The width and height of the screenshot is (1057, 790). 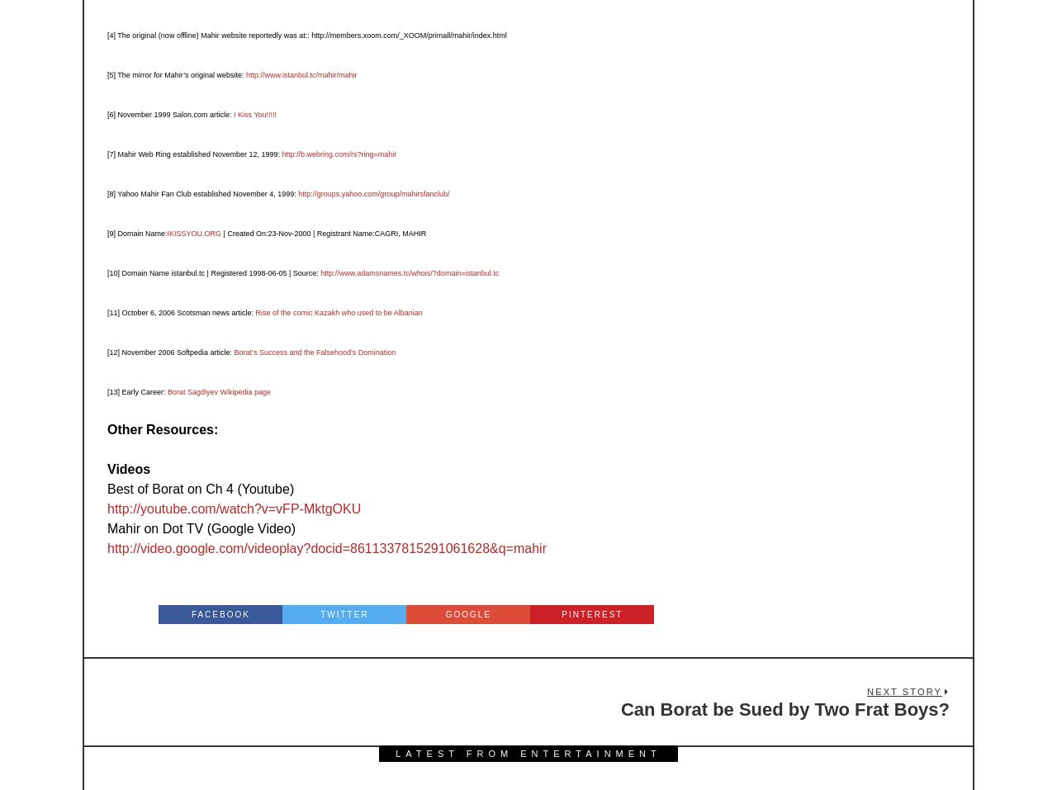 I want to click on 'Can Borat be Sued by Two Frat Boys?', so click(x=784, y=707).